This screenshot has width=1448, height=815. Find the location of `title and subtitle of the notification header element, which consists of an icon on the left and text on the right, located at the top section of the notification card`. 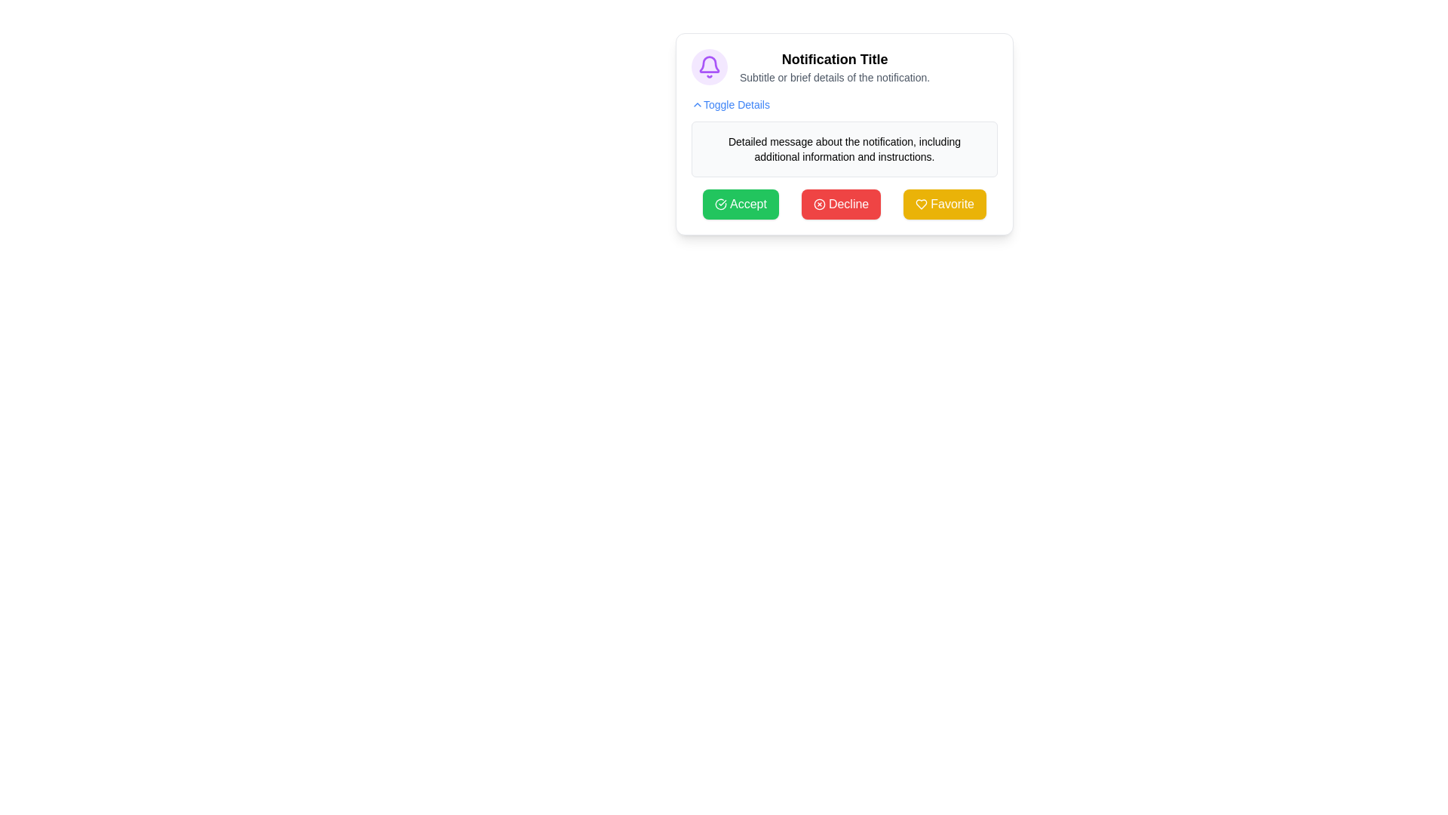

title and subtitle of the notification header element, which consists of an icon on the left and text on the right, located at the top section of the notification card is located at coordinates (843, 66).